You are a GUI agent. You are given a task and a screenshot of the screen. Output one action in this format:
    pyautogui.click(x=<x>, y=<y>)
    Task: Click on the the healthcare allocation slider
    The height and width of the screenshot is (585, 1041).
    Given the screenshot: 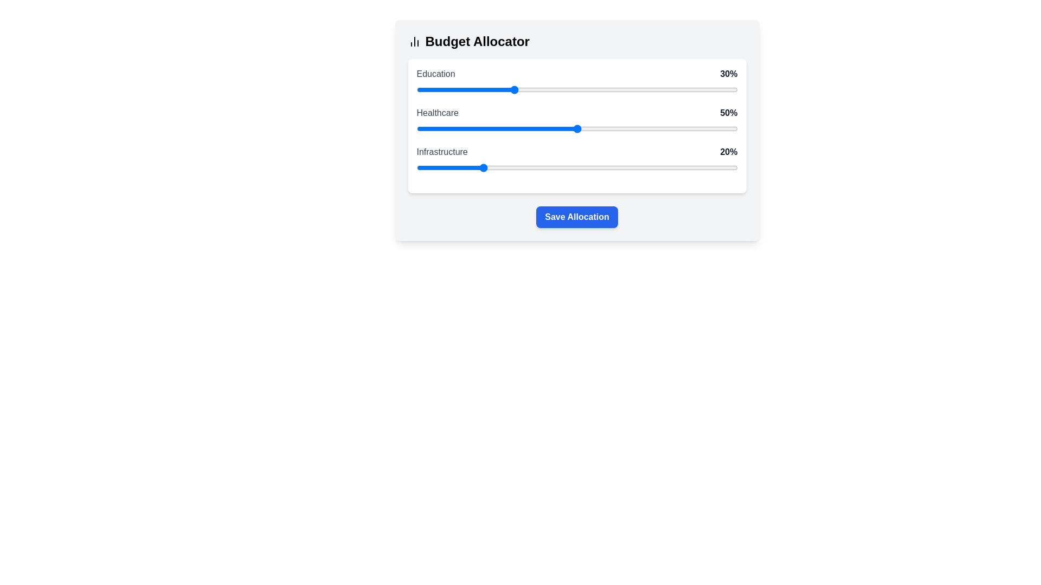 What is the action you would take?
    pyautogui.click(x=483, y=128)
    